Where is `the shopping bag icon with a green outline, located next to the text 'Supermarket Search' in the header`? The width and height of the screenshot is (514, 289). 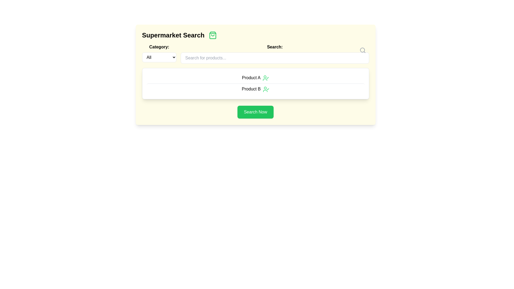 the shopping bag icon with a green outline, located next to the text 'Supermarket Search' in the header is located at coordinates (212, 35).